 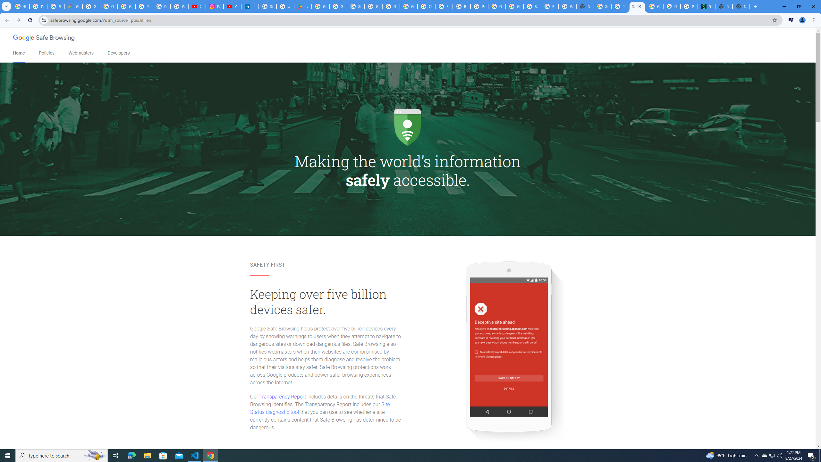 I want to click on 'Google Cloud Platform', so click(x=514, y=6).